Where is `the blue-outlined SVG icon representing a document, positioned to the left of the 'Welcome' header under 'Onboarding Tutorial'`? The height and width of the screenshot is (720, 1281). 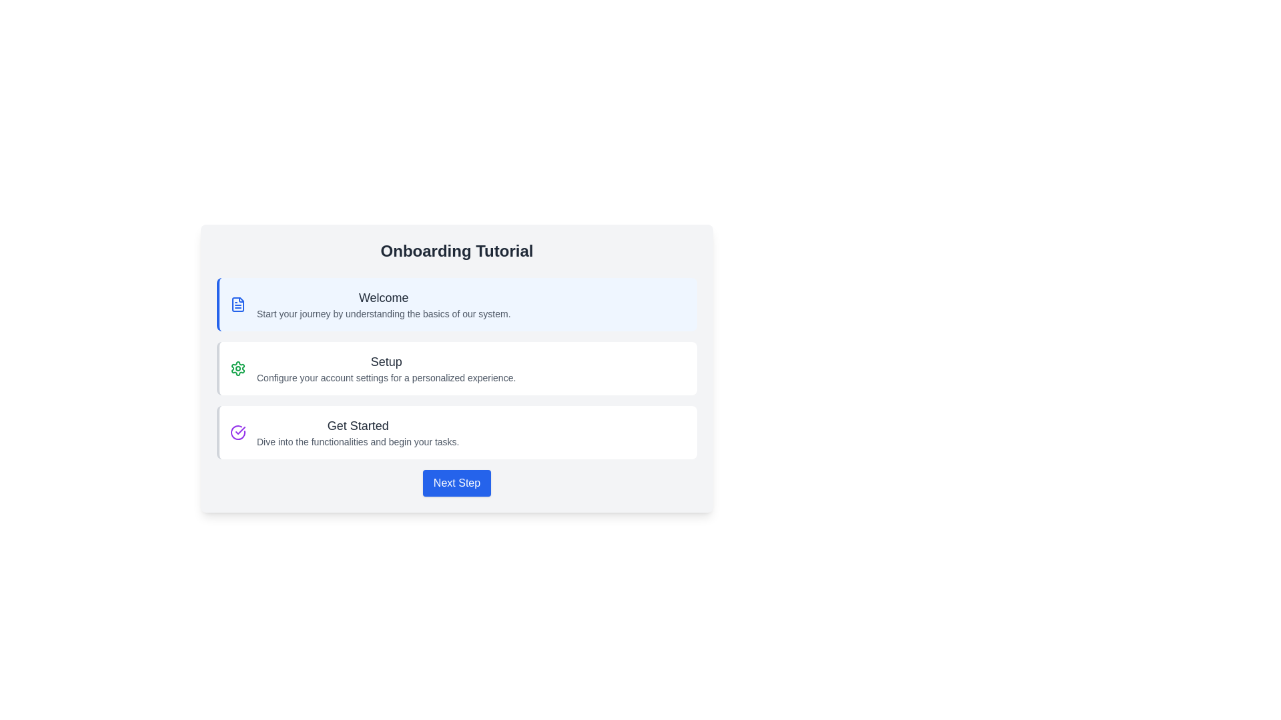
the blue-outlined SVG icon representing a document, positioned to the left of the 'Welcome' header under 'Onboarding Tutorial' is located at coordinates (238, 304).